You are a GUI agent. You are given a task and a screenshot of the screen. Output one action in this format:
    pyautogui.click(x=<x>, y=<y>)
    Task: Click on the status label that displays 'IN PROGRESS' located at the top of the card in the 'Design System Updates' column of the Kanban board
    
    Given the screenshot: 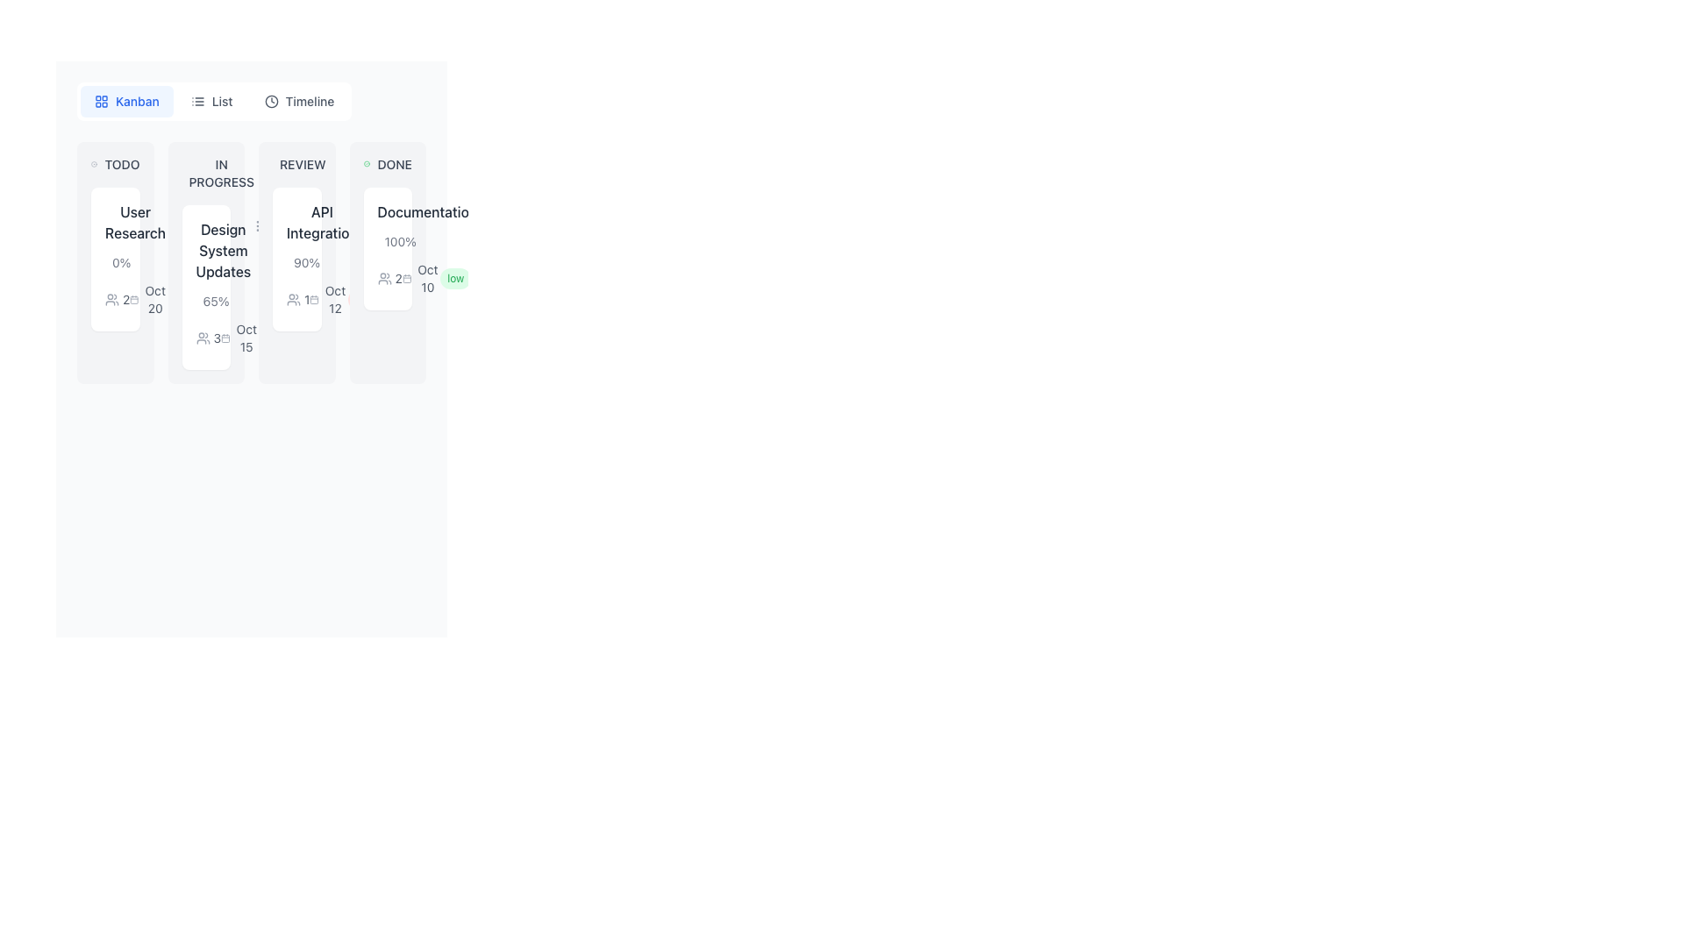 What is the action you would take?
    pyautogui.click(x=206, y=173)
    